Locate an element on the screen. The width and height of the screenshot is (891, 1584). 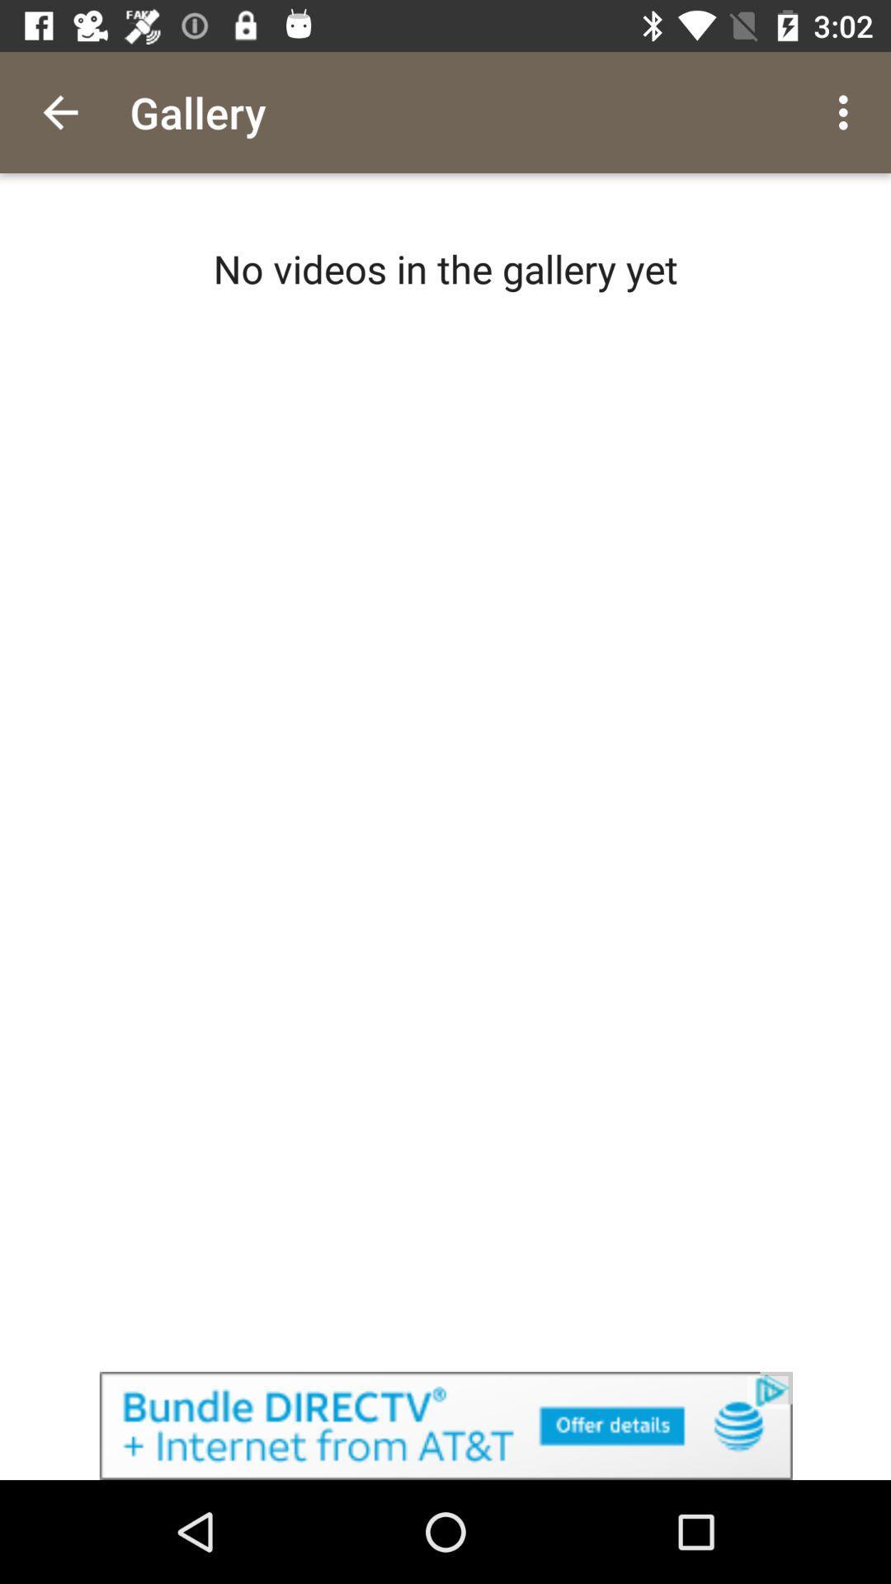
advertisement that redirects you to att to see offer is located at coordinates (445, 1425).